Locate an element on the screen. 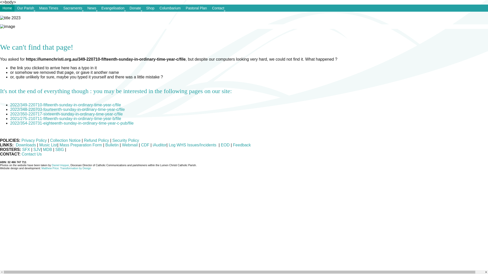 This screenshot has width=488, height=274. 'News is located at coordinates (92, 8).